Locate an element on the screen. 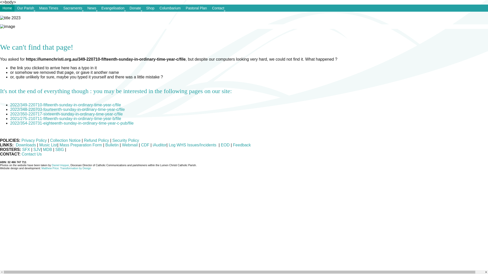 This screenshot has width=488, height=274. 'News is located at coordinates (92, 8).